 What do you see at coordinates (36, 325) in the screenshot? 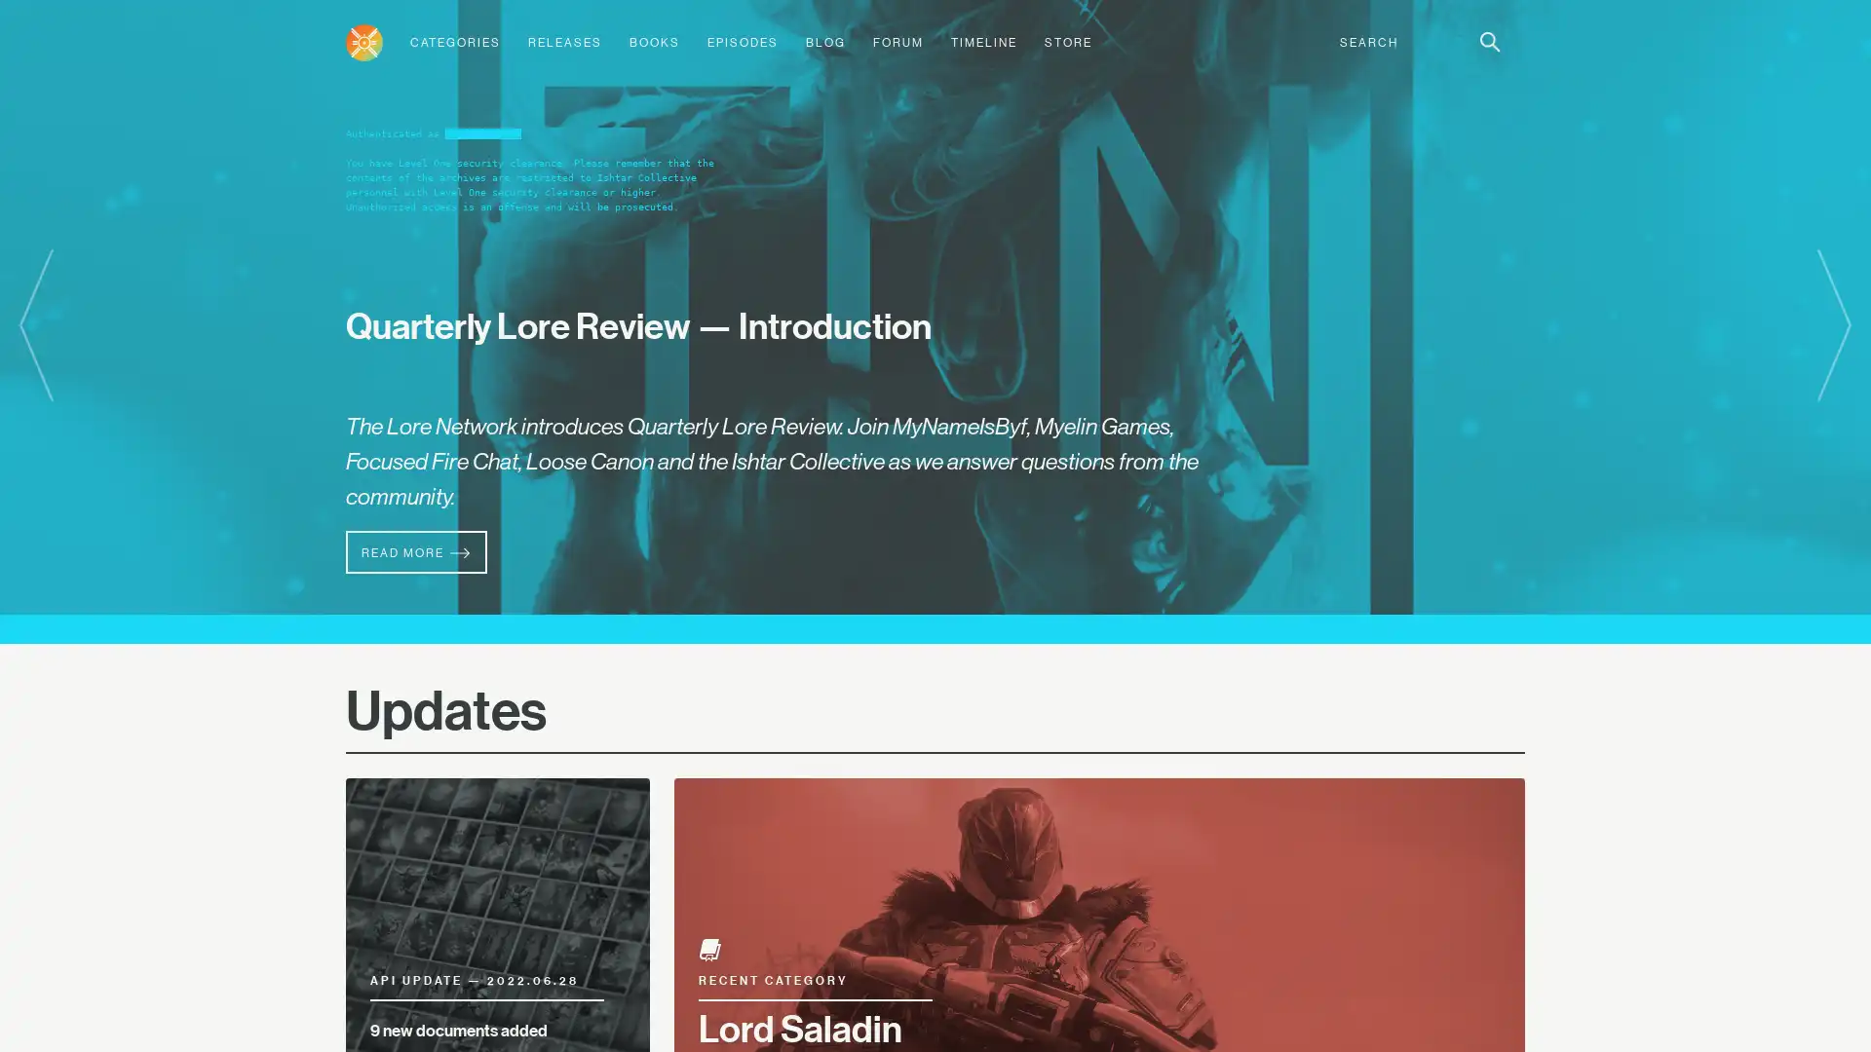
I see `Previous` at bounding box center [36, 325].